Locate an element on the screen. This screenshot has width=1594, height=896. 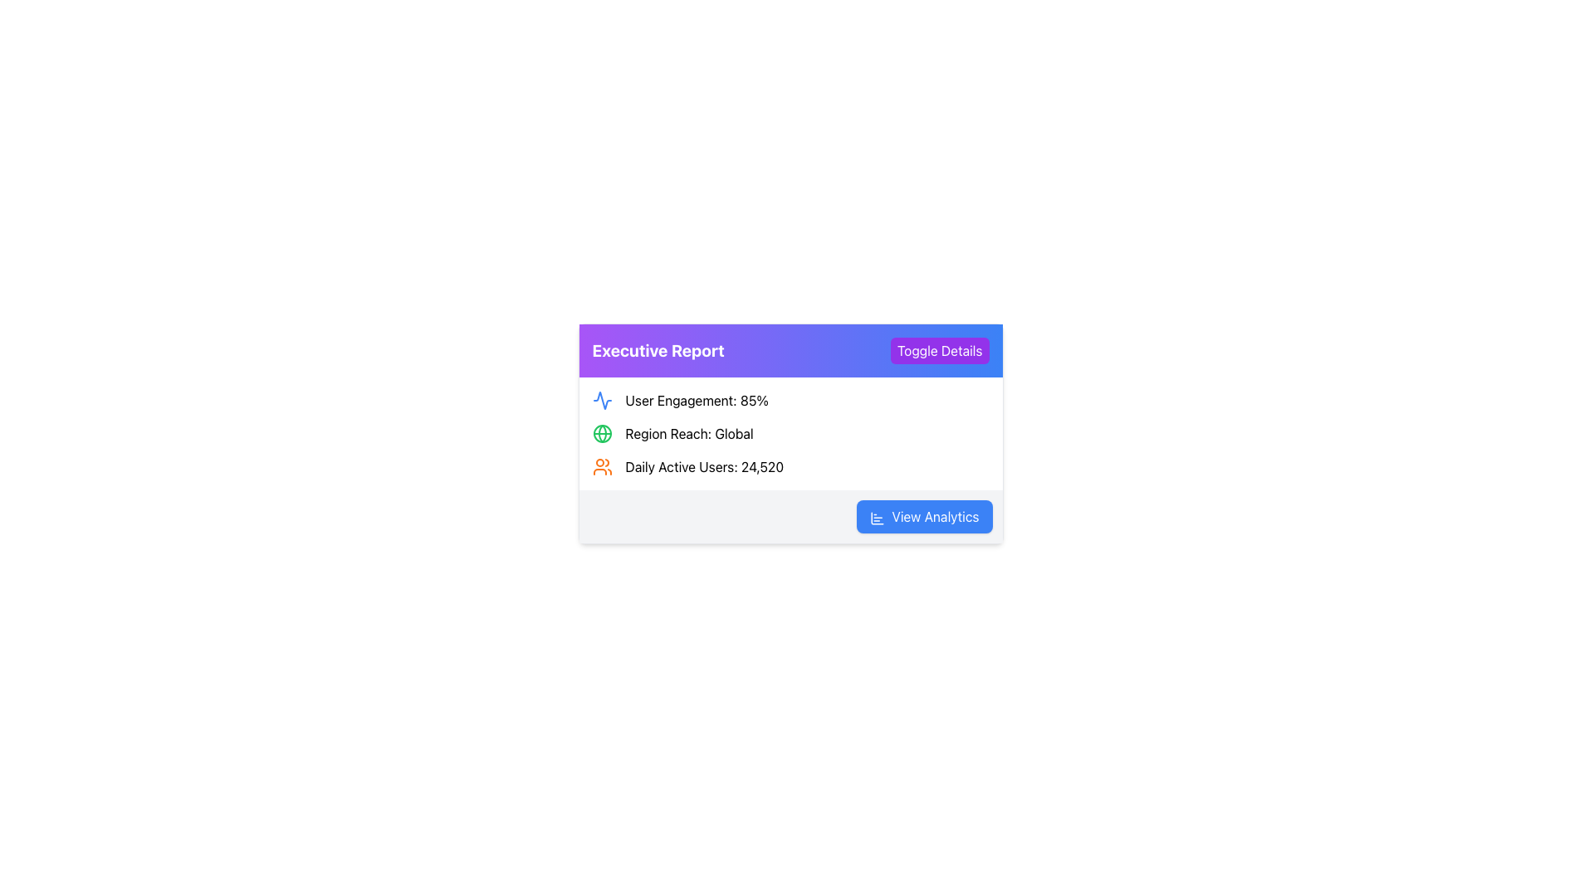
the bold, large-sized text reading 'Executive Report', which is styled in white on a gradient background from purple to blue, located in the header section of a panel is located at coordinates (658, 350).